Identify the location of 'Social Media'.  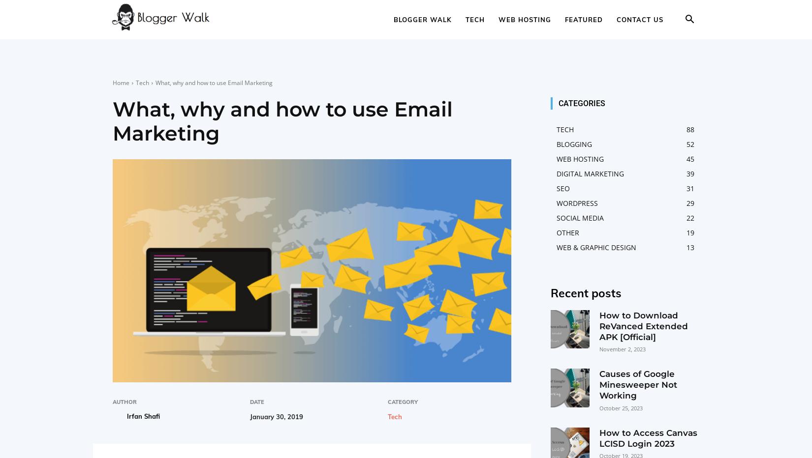
(580, 218).